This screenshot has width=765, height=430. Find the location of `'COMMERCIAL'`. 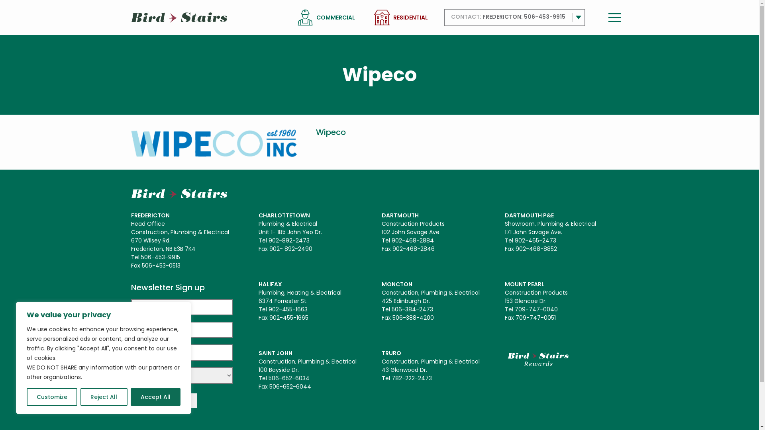

'COMMERCIAL' is located at coordinates (335, 18).